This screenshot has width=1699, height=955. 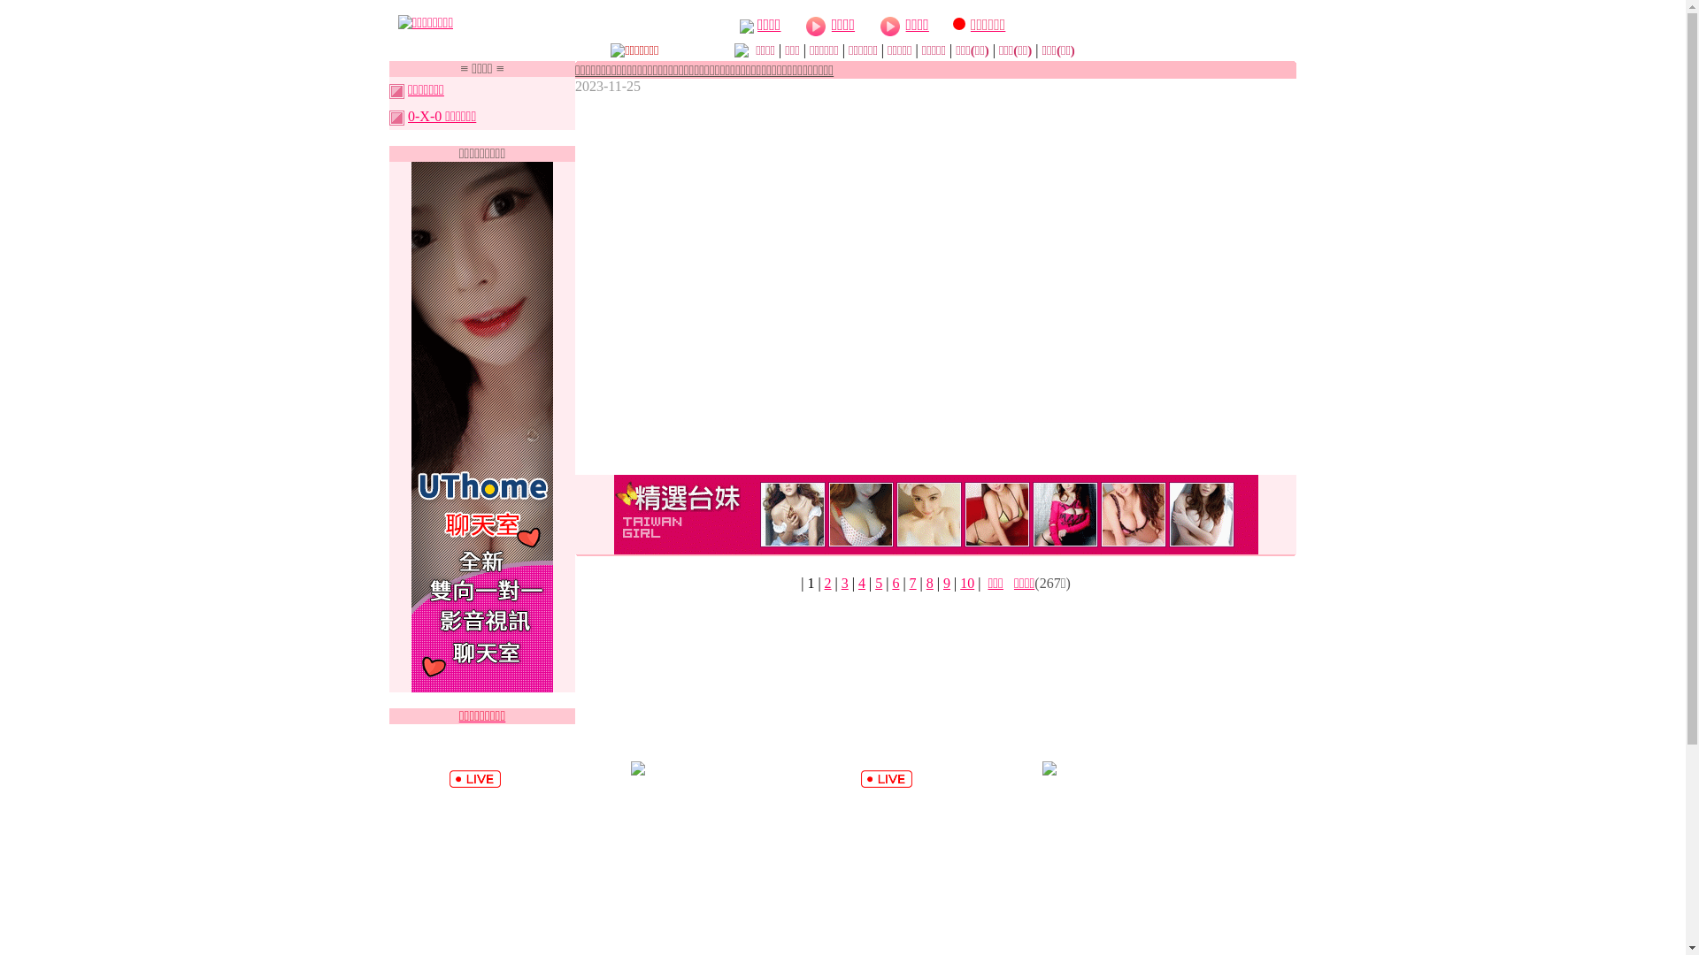 What do you see at coordinates (823, 583) in the screenshot?
I see `'2'` at bounding box center [823, 583].